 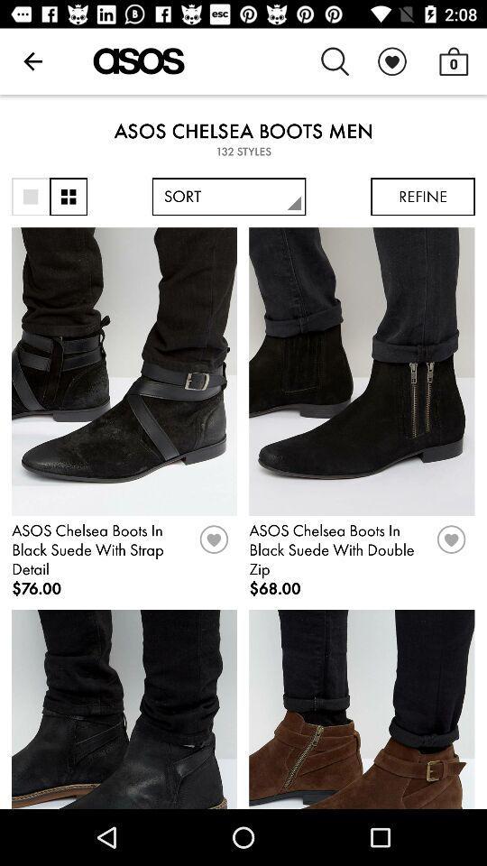 What do you see at coordinates (214, 545) in the screenshot?
I see `like item` at bounding box center [214, 545].